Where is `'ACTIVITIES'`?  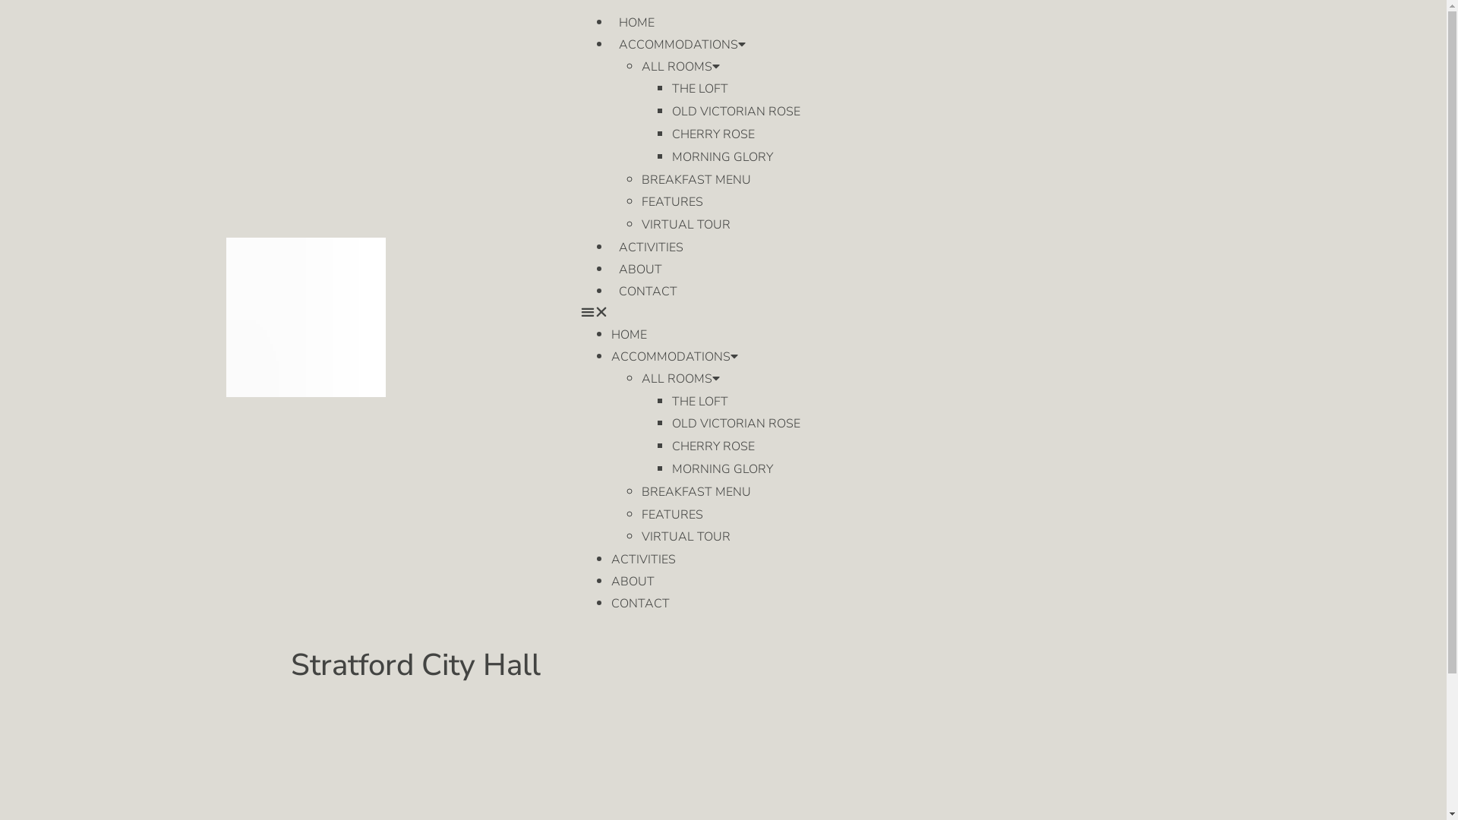 'ACTIVITIES' is located at coordinates (651, 247).